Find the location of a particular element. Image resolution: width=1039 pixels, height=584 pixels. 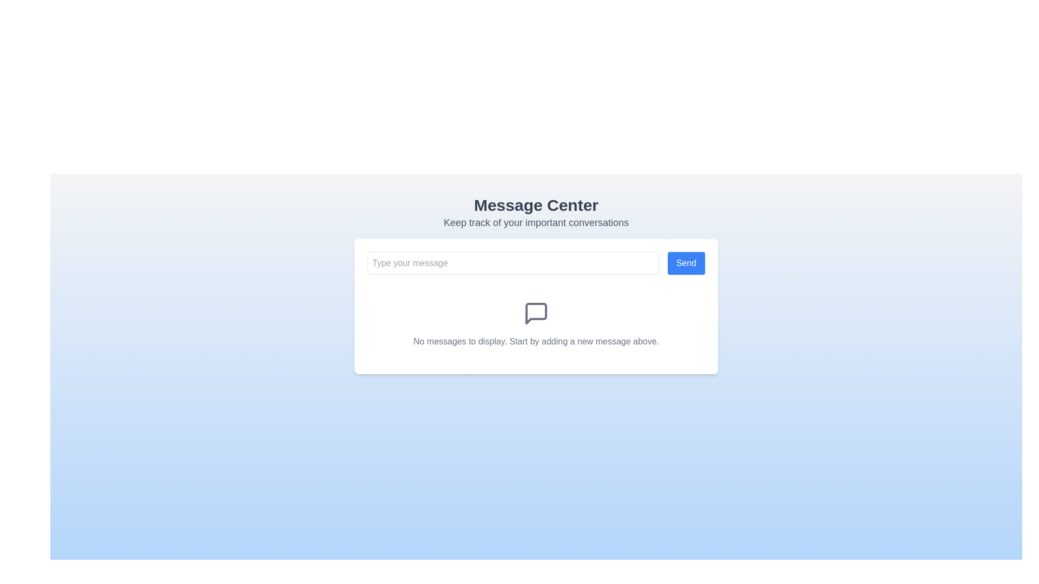

the speech bubble icon, which is a rounded square with a pointed tail, located at the center of the message section below the 'Type your message' field is located at coordinates (536, 313).